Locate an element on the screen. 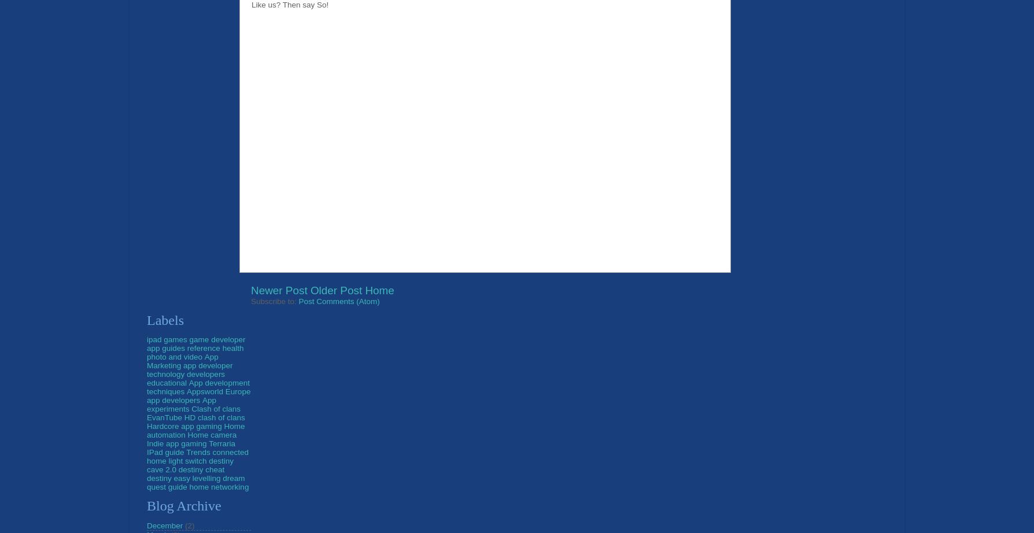 The height and width of the screenshot is (533, 1034). 'Indie app gaming' is located at coordinates (176, 442).